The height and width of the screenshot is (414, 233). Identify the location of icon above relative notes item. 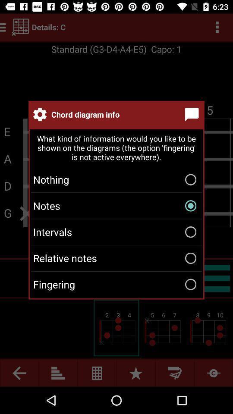
(116, 232).